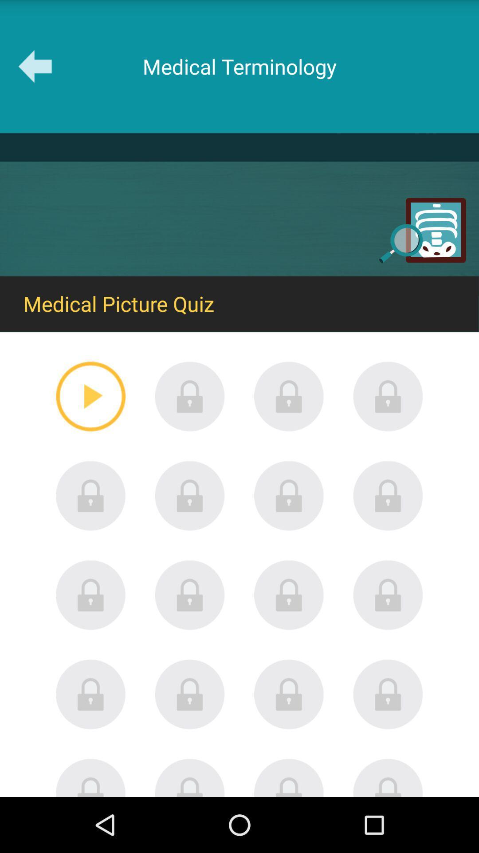 The height and width of the screenshot is (853, 479). I want to click on secured link, so click(289, 495).